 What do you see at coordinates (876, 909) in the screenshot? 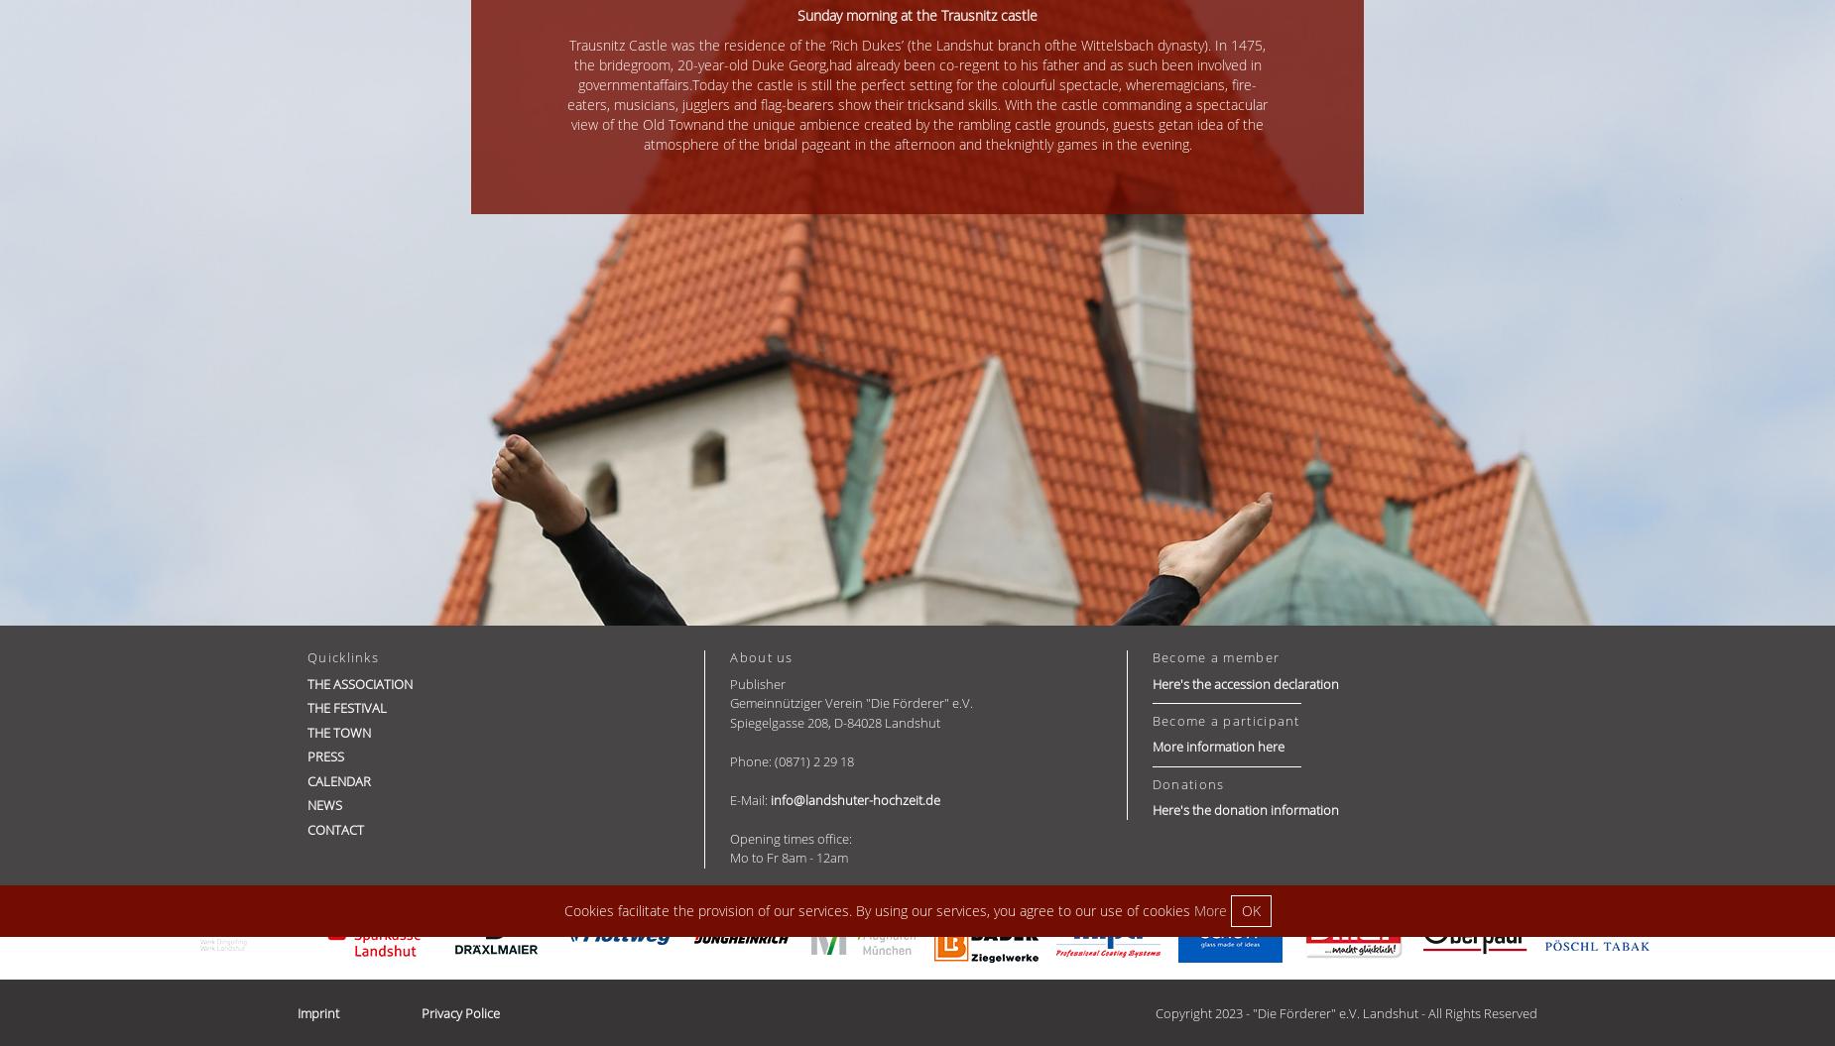
I see `'Cookies facilitate the provision of our services. By using our services, you agree to our use of cookies'` at bounding box center [876, 909].